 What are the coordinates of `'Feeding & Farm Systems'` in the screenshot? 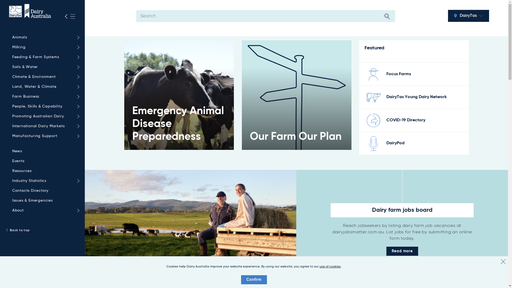 It's located at (45, 57).